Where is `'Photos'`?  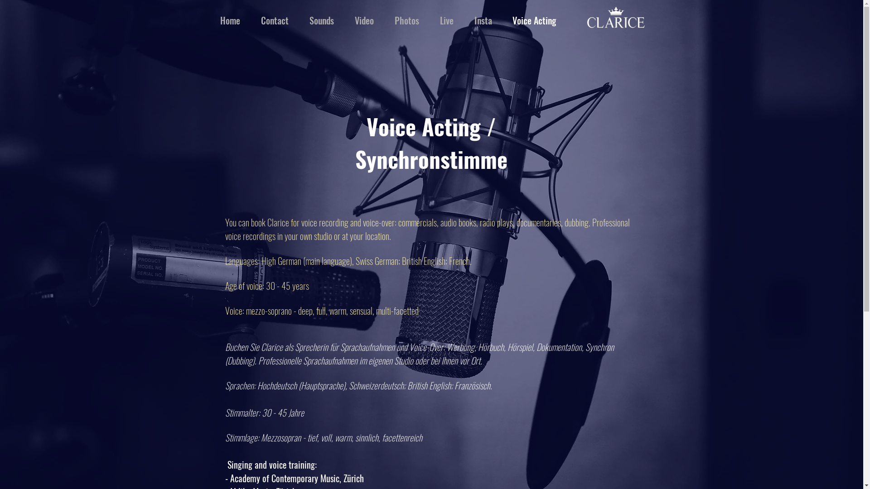 'Photos' is located at coordinates (384, 20).